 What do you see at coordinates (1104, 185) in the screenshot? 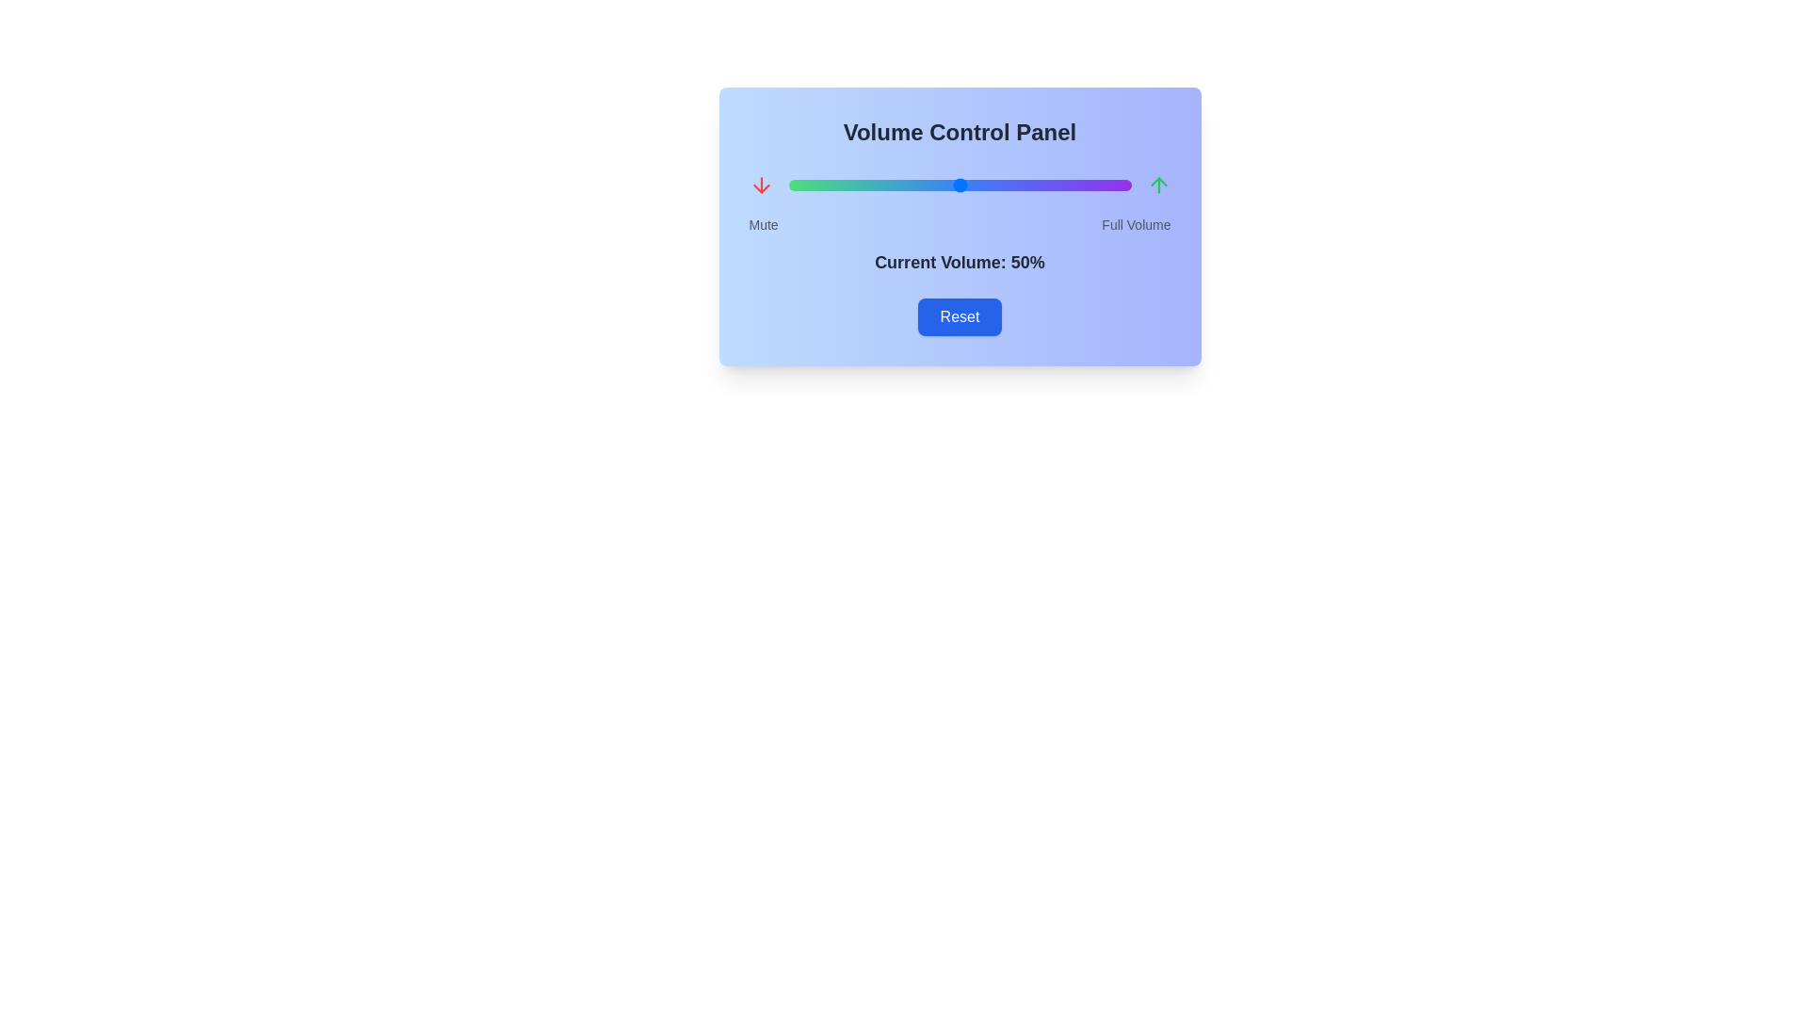
I see `the volume slider to set the volume to 92%` at bounding box center [1104, 185].